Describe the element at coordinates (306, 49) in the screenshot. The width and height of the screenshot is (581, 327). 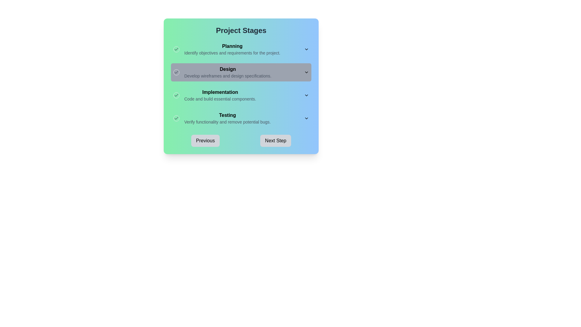
I see `the downward-pointing chevron icon next to the 'Planning' section` at that location.